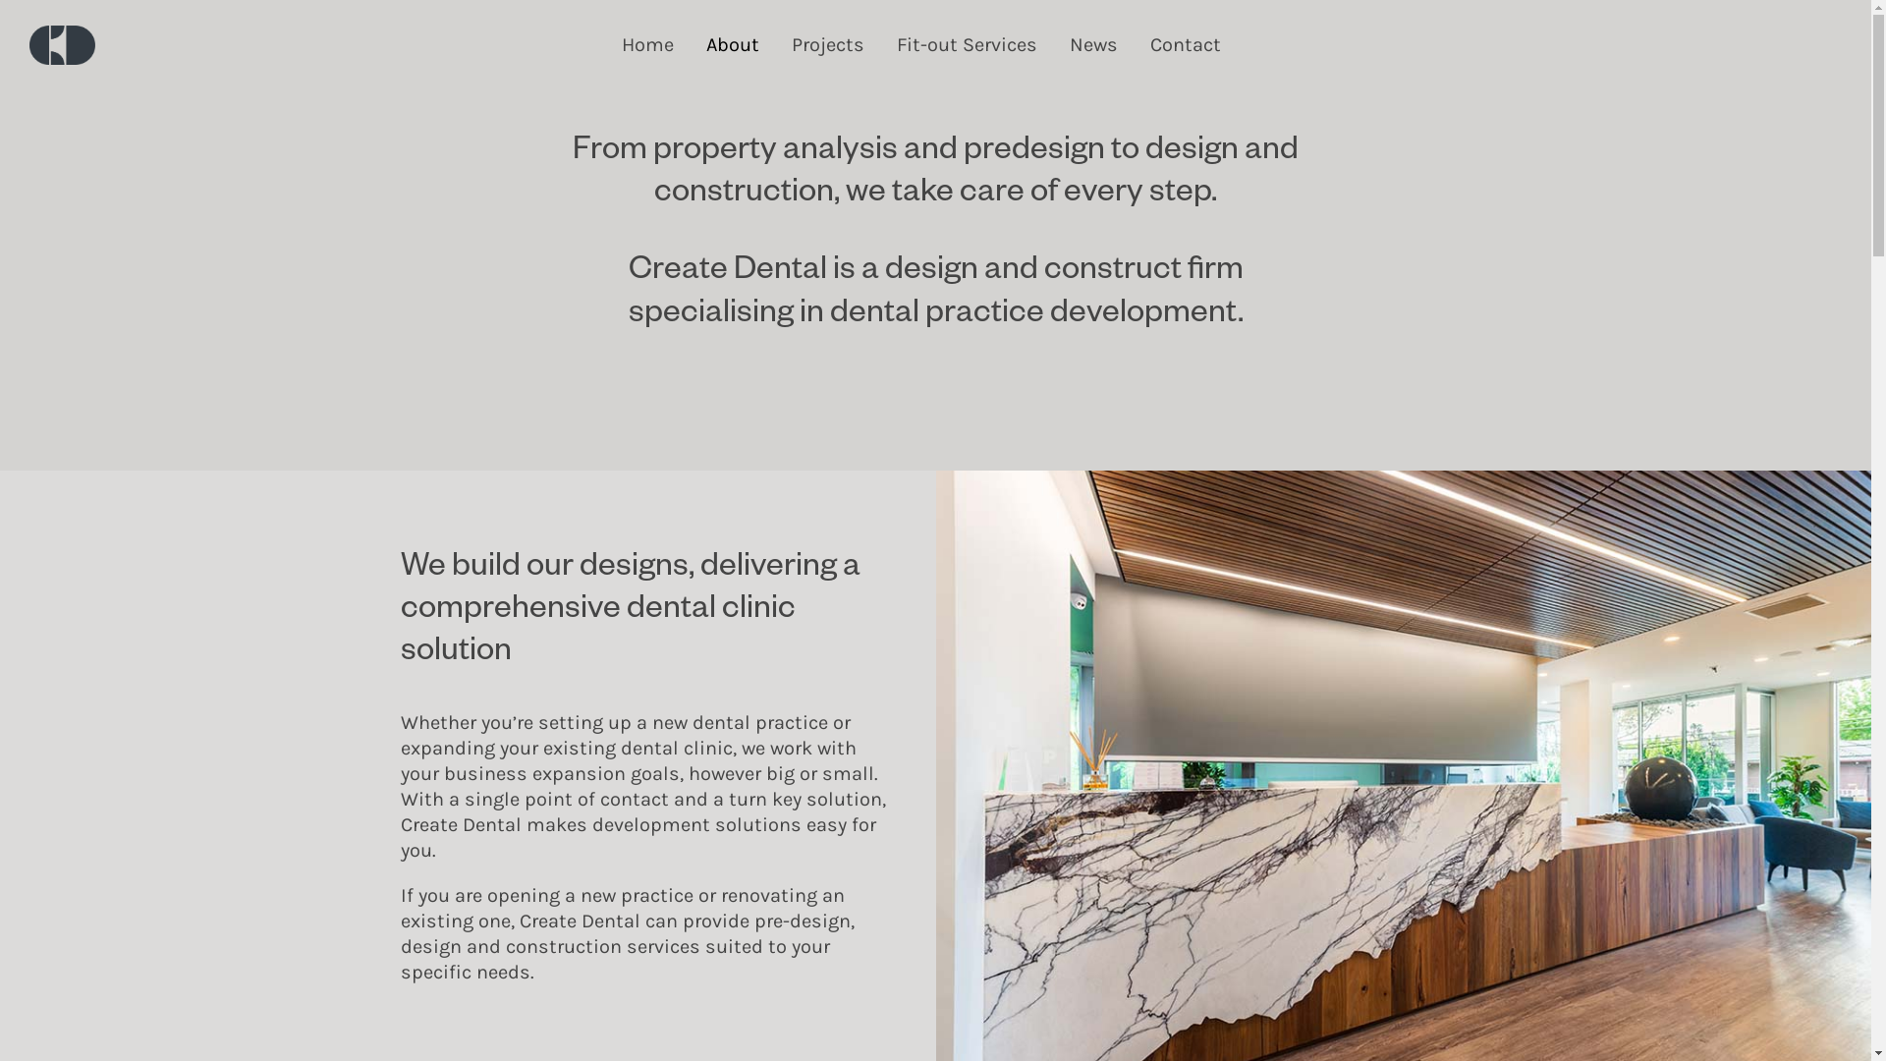 The height and width of the screenshot is (1061, 1886). Describe the element at coordinates (620, 44) in the screenshot. I see `'Home'` at that location.